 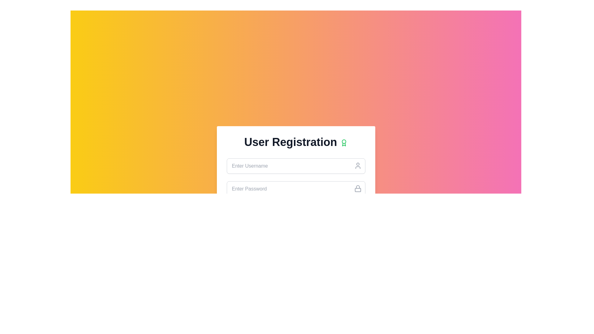 I want to click on the password input field below the username field in the User Registration form, so click(x=295, y=188).